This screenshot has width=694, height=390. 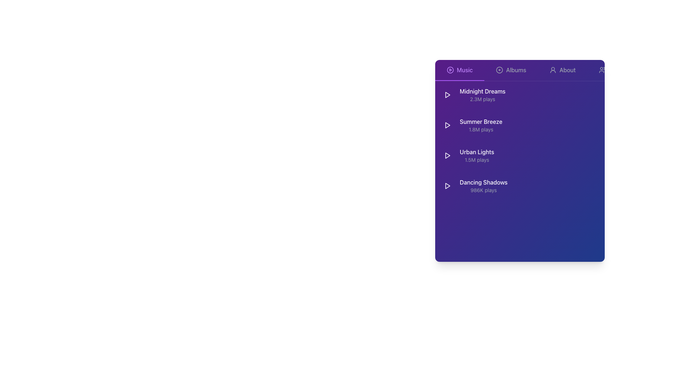 What do you see at coordinates (459, 70) in the screenshot?
I see `the 'Music' tab button located in the top-left of the navigation bar` at bounding box center [459, 70].